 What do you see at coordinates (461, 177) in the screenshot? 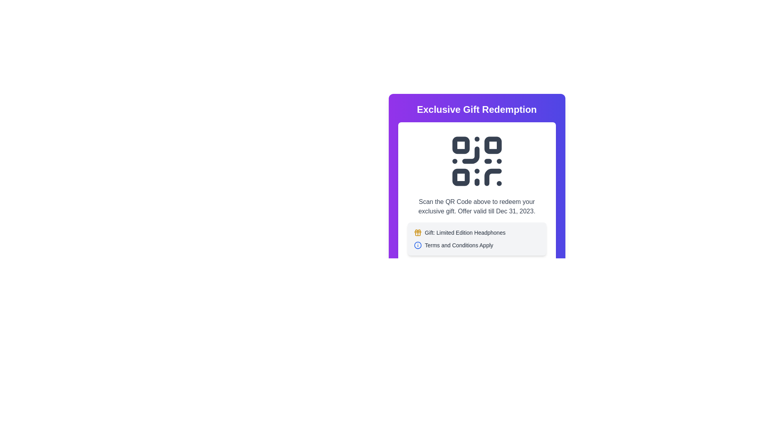
I see `the square component located in the lower-left corner of the QR code` at bounding box center [461, 177].